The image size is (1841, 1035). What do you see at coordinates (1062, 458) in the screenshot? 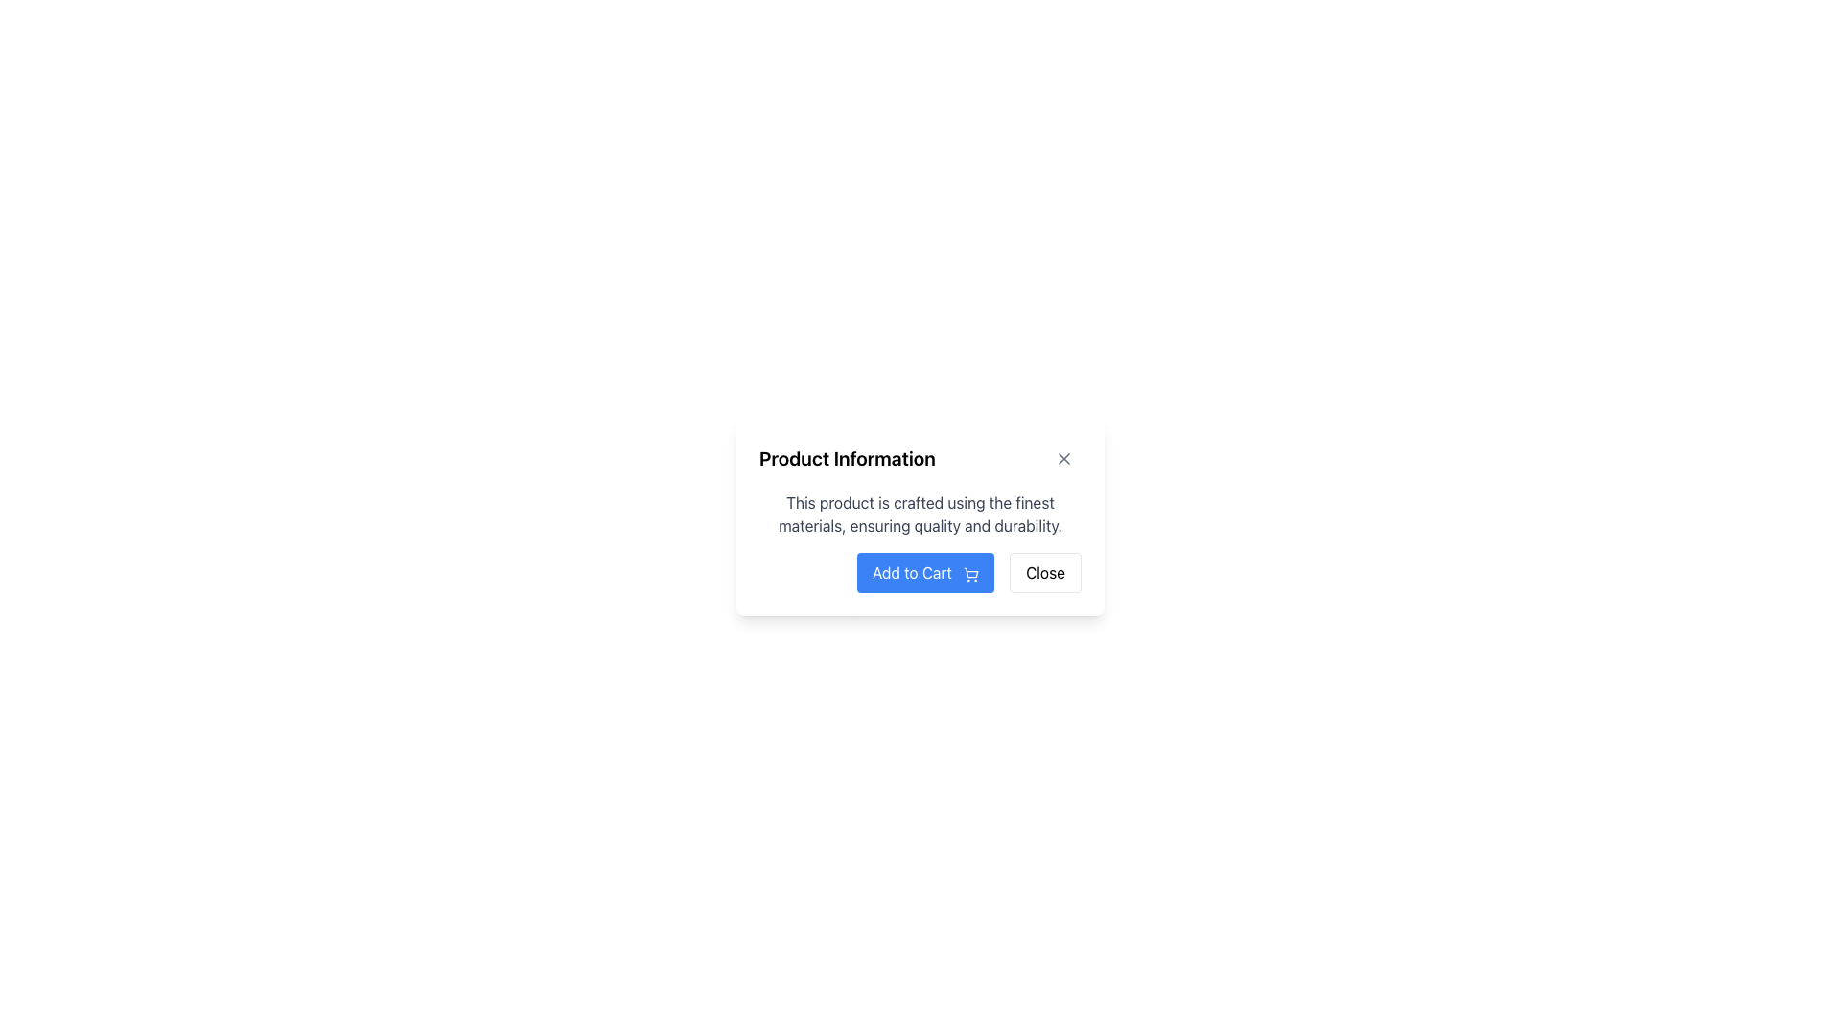
I see `the Close Icon Button located in the top-right corner of the modal` at bounding box center [1062, 458].